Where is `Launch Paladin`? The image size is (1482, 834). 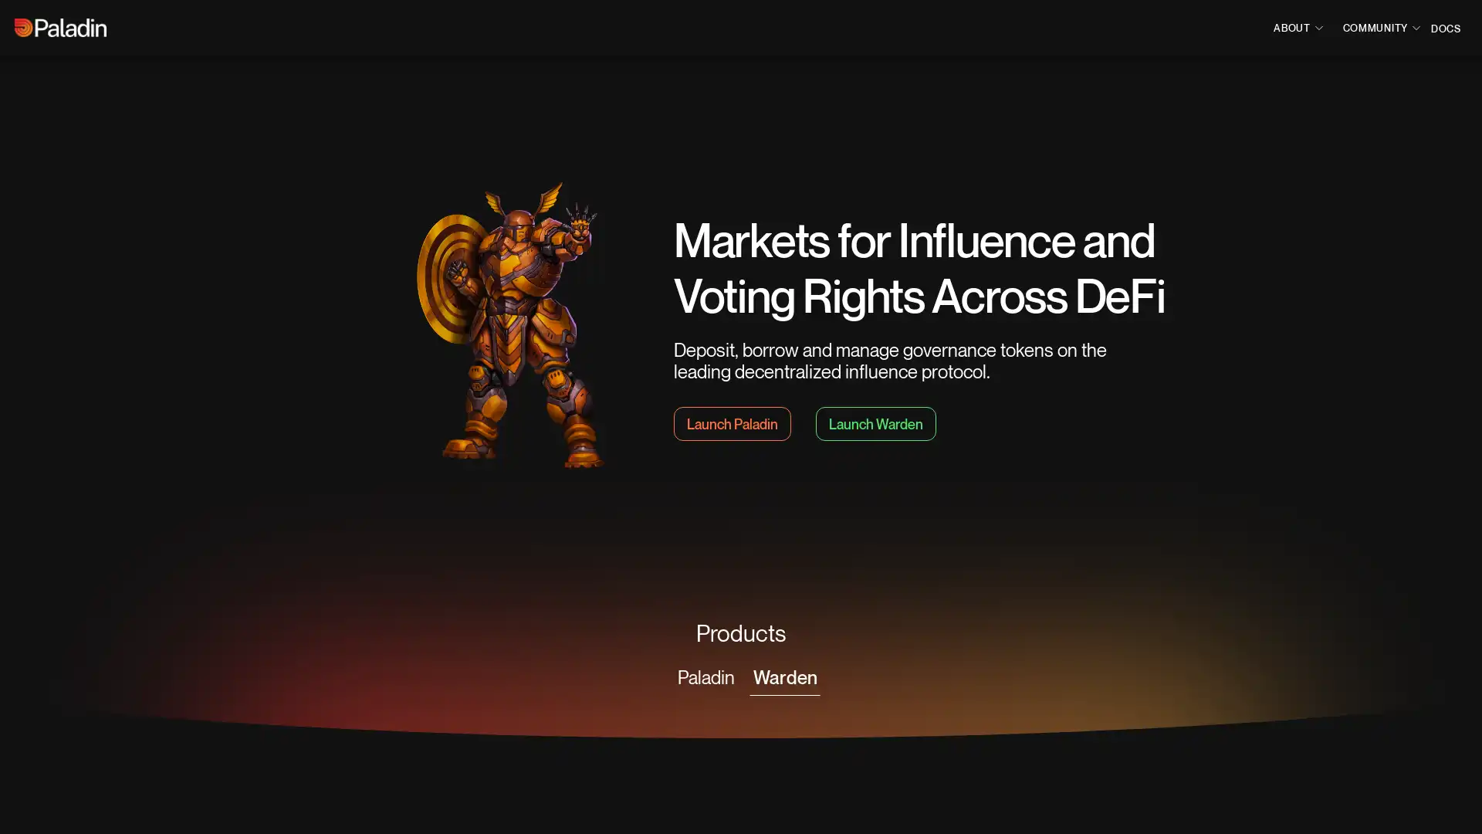
Launch Paladin is located at coordinates (731, 422).